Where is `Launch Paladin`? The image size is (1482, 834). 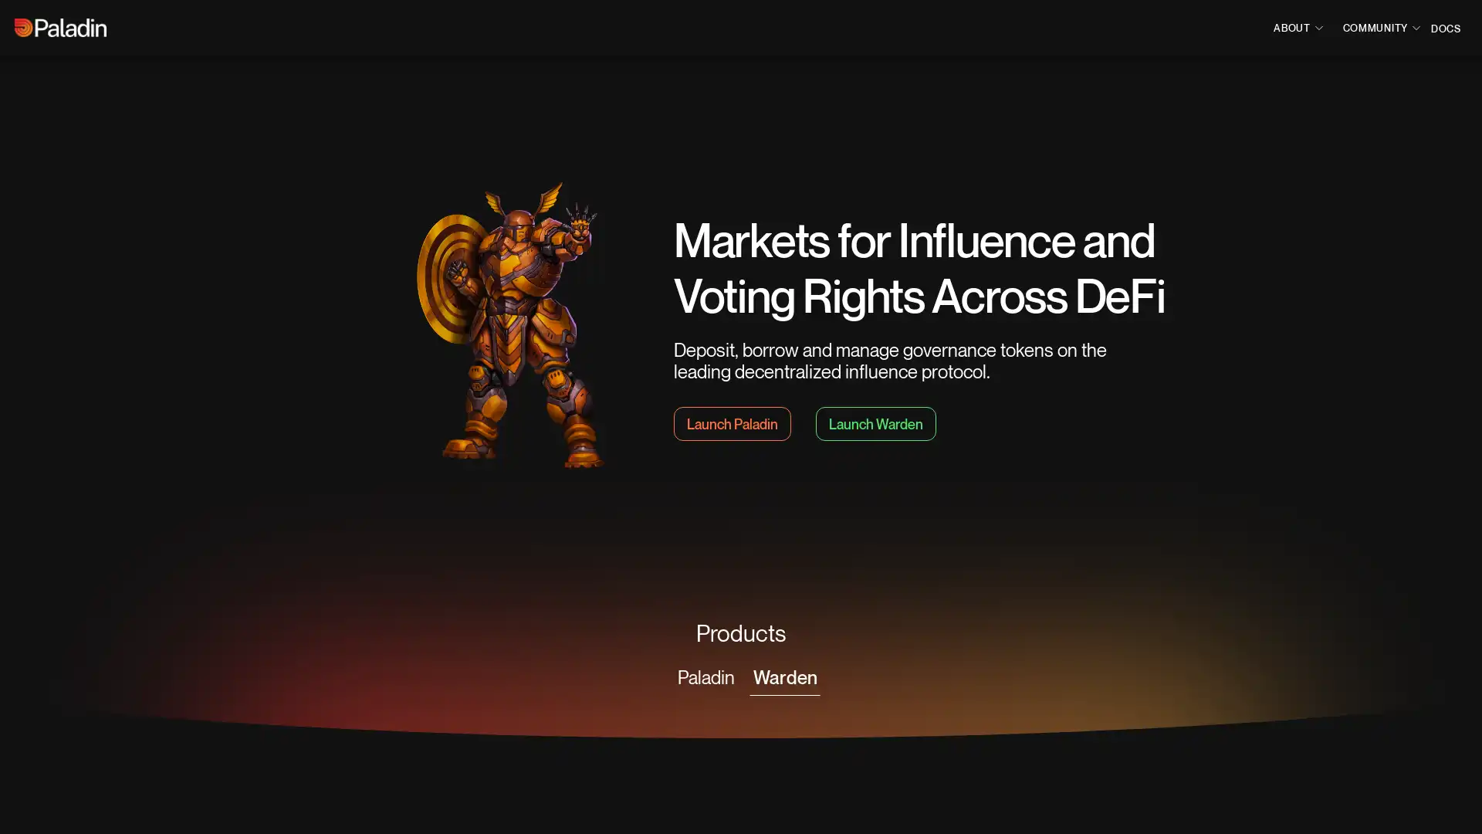
Launch Paladin is located at coordinates (731, 422).